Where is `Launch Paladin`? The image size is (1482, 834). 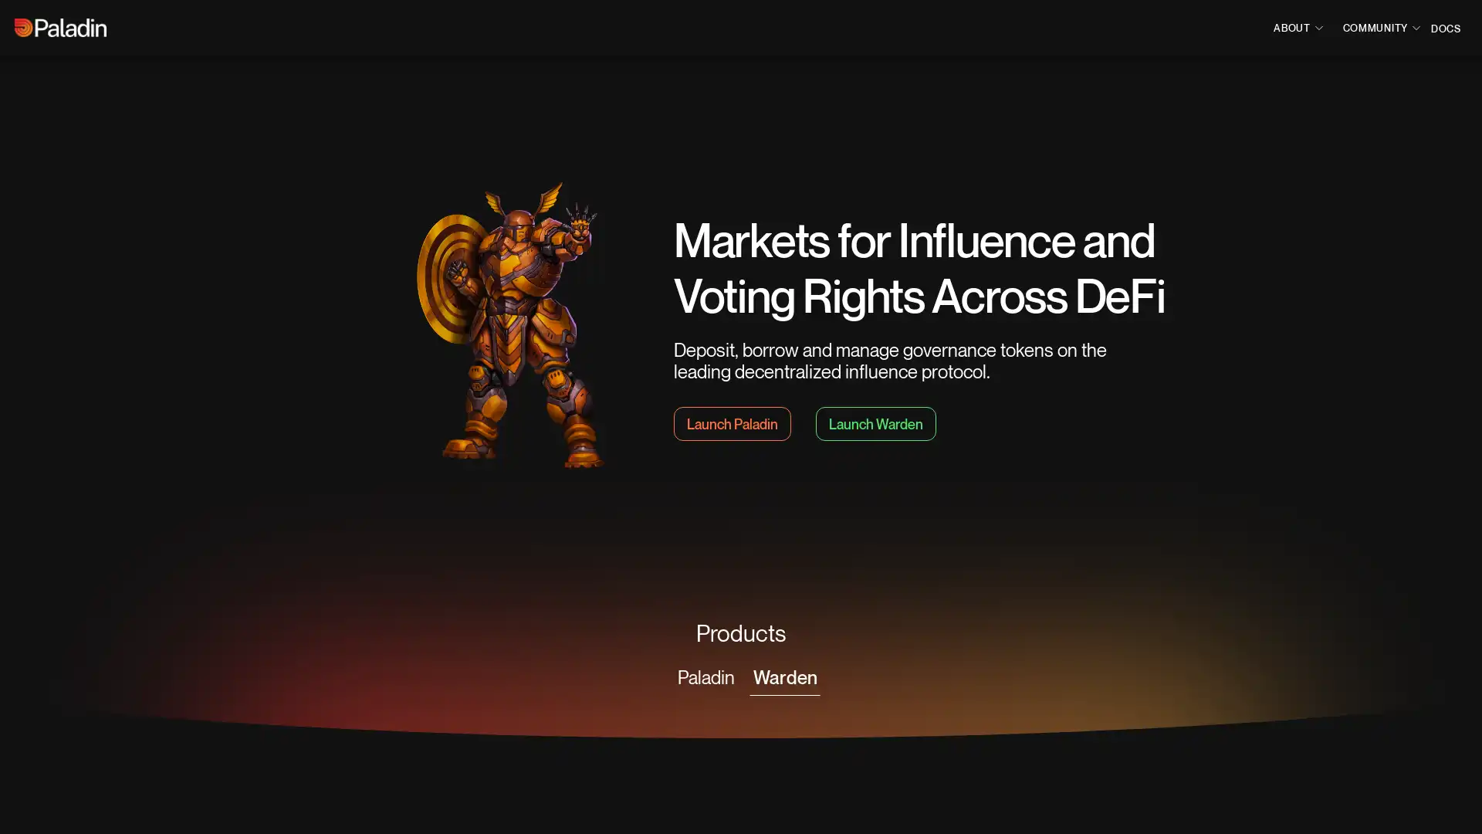
Launch Paladin is located at coordinates (731, 422).